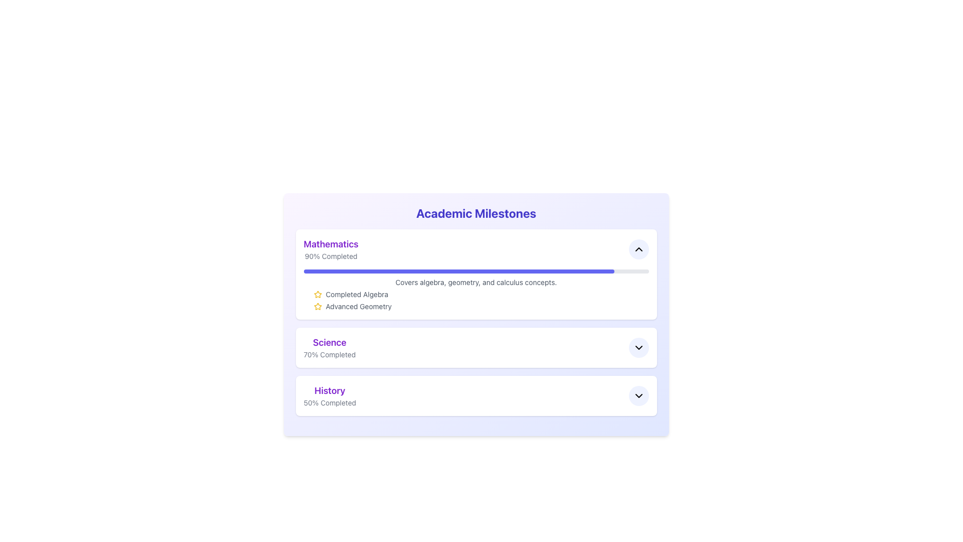 Image resolution: width=963 pixels, height=542 pixels. Describe the element at coordinates (317, 306) in the screenshot. I see `the bright yellow star icon located next to the 'Completed Algebra' label in the Mathematics section of the Academic Milestones interface` at that location.